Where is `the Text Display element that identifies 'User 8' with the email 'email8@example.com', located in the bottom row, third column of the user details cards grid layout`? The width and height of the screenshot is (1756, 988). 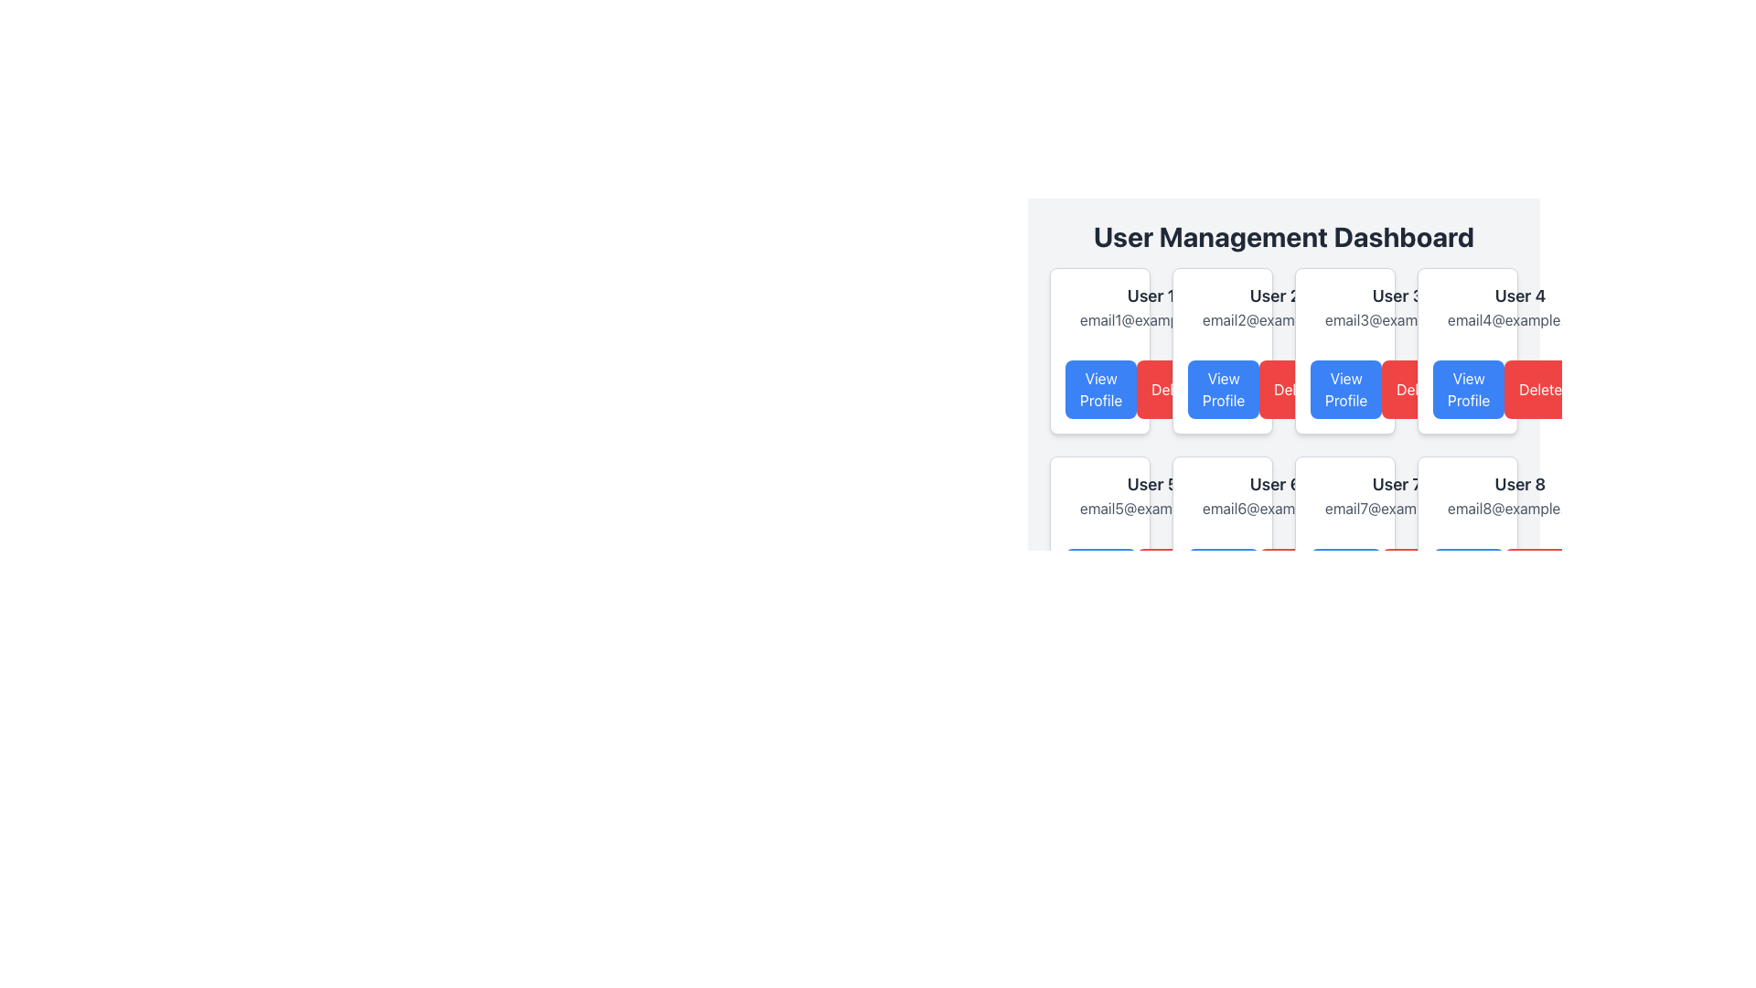
the Text Display element that identifies 'User 8' with the email 'email8@example.com', located in the bottom row, third column of the user details cards grid layout is located at coordinates (1520, 496).